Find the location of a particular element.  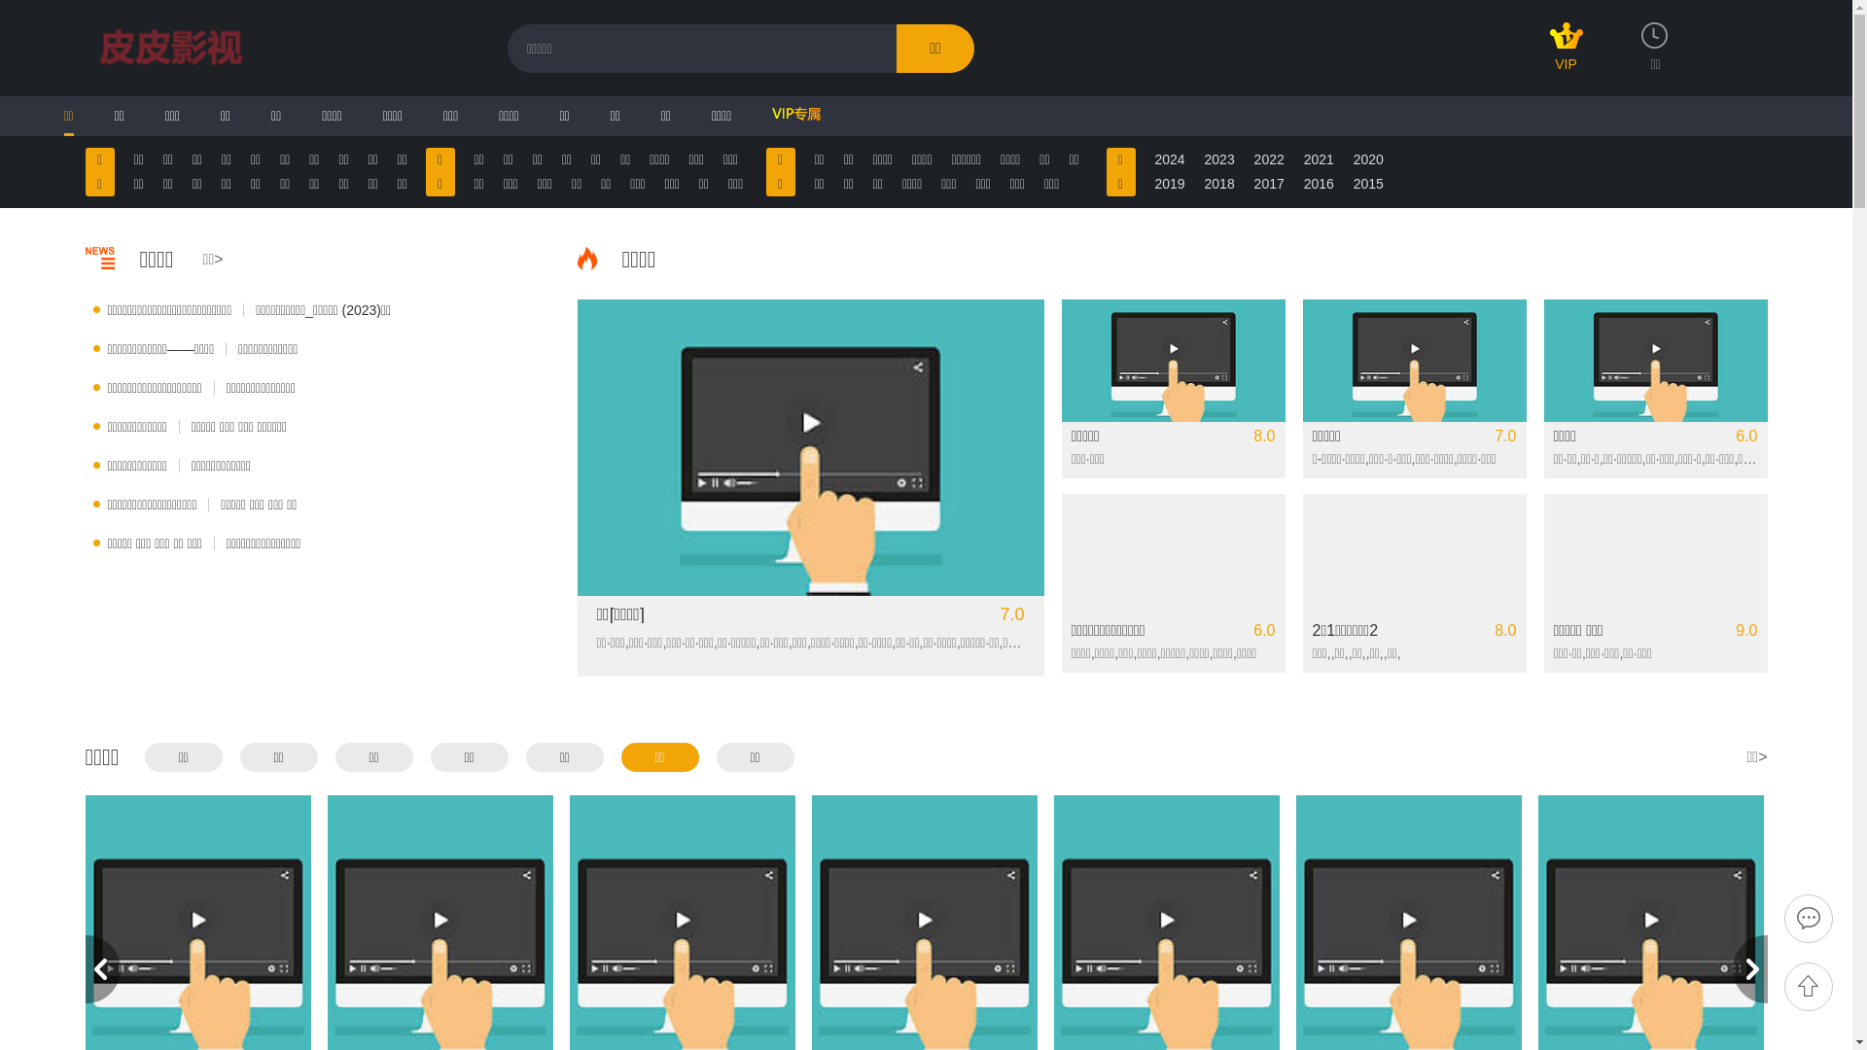

'2019' is located at coordinates (1155, 184).